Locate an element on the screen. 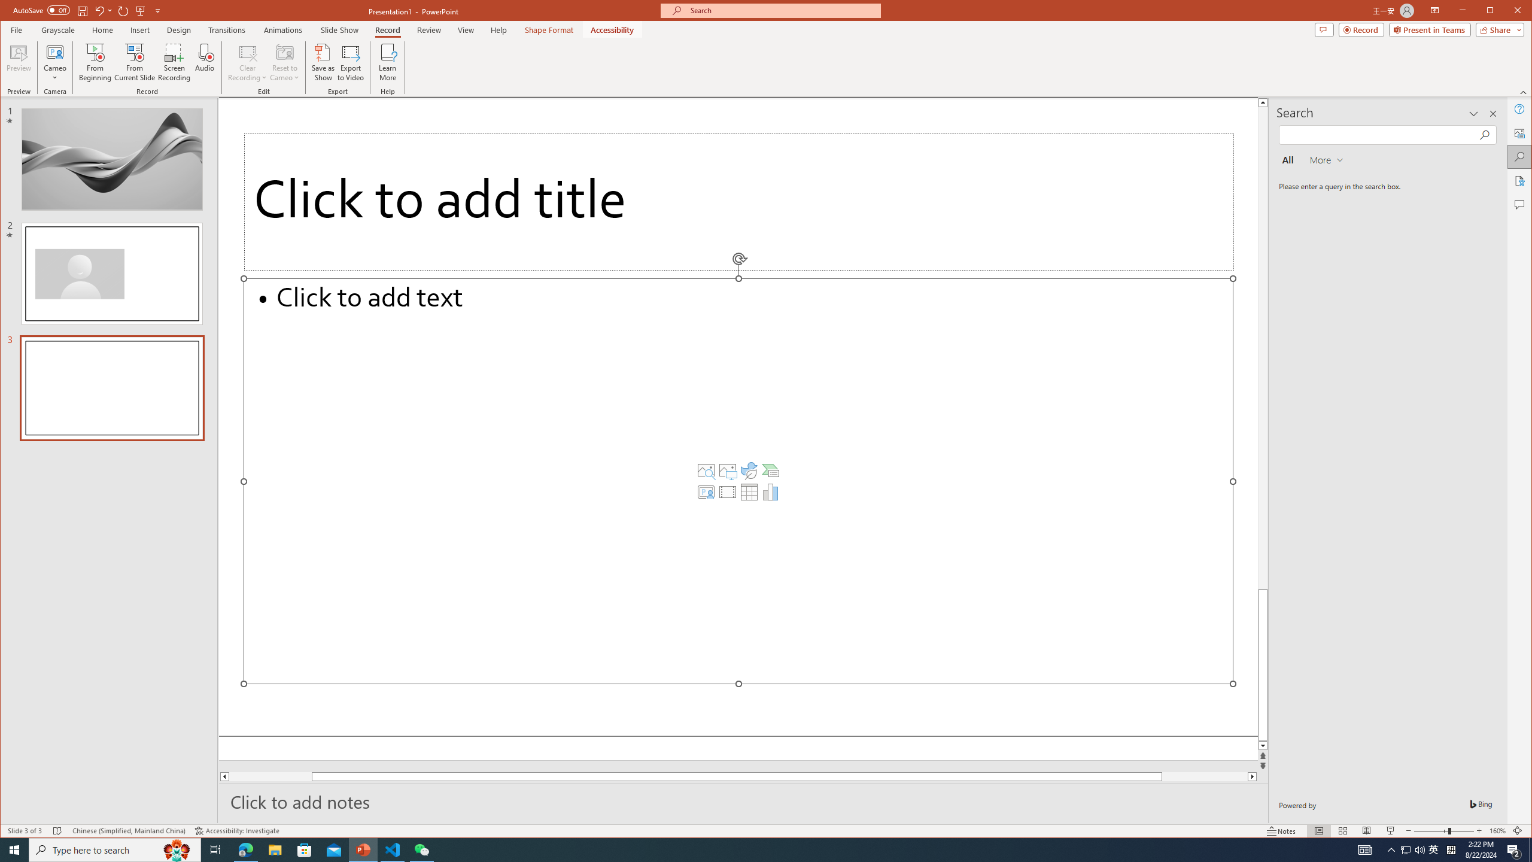 This screenshot has height=862, width=1532. 'Zoom 160%' is located at coordinates (1497, 830).